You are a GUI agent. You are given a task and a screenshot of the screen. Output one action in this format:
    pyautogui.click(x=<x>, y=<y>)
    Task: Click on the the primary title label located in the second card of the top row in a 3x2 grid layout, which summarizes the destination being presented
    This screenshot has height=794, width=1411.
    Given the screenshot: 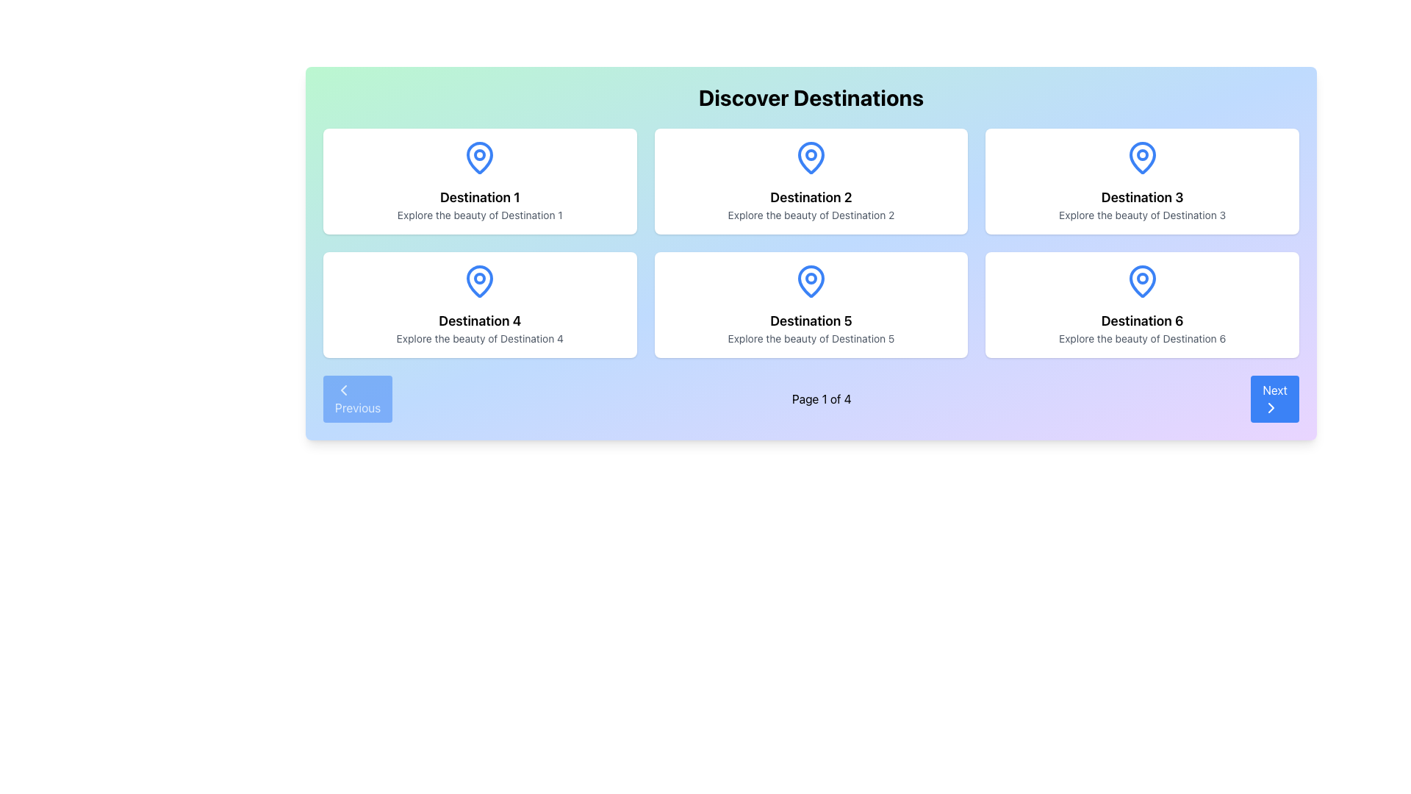 What is the action you would take?
    pyautogui.click(x=811, y=197)
    